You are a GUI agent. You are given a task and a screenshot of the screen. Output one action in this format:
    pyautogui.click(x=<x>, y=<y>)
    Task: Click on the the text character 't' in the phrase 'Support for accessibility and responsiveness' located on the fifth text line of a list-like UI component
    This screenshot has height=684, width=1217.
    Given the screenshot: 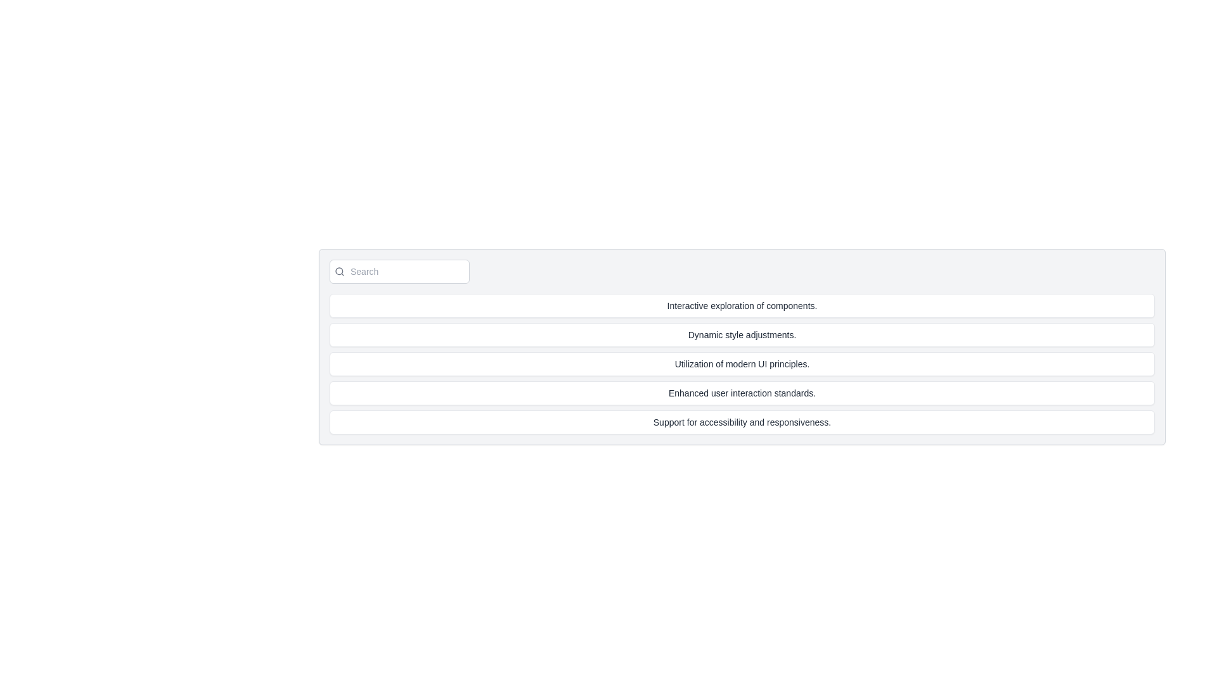 What is the action you would take?
    pyautogui.click(x=741, y=422)
    